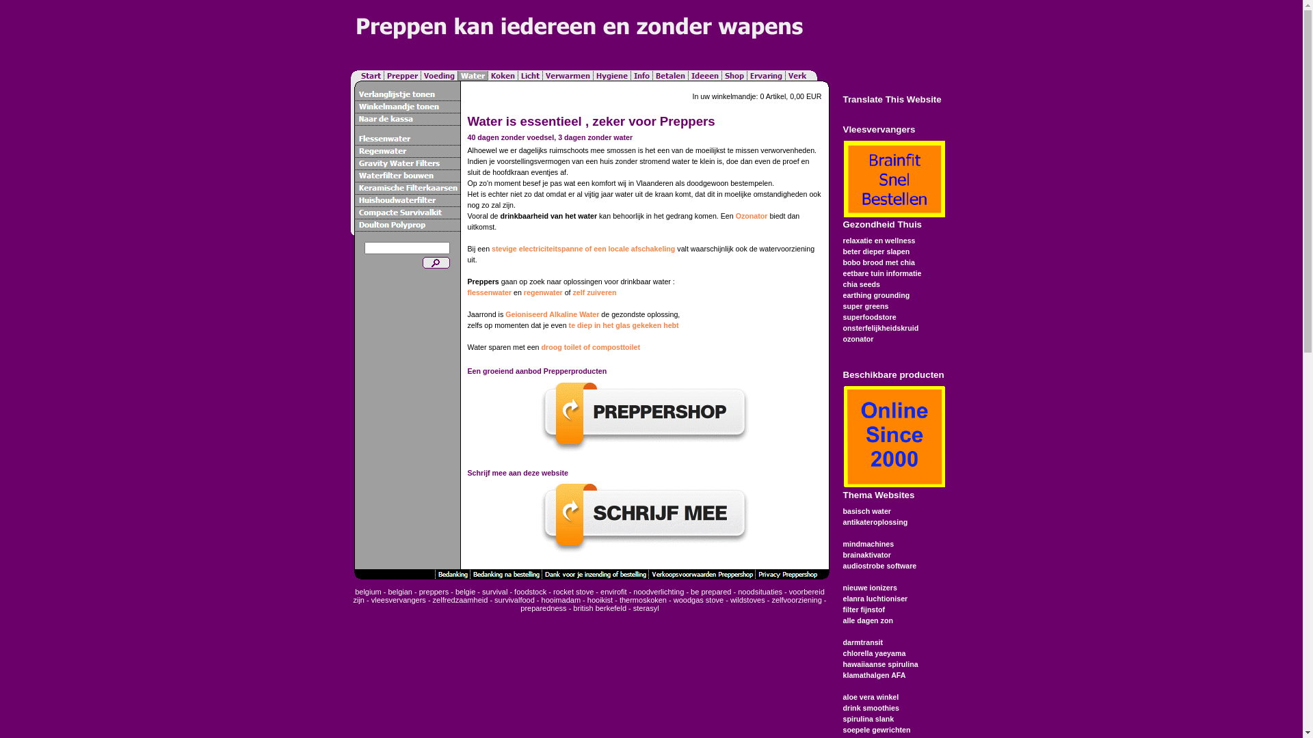  What do you see at coordinates (879, 664) in the screenshot?
I see `'hawaiiaanse spirulina'` at bounding box center [879, 664].